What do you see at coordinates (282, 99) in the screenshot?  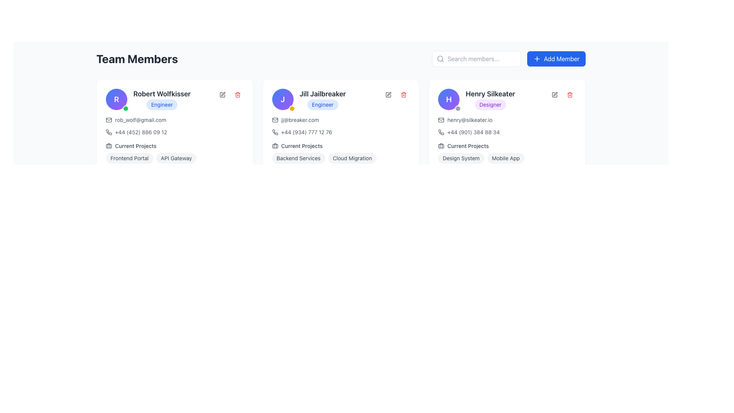 I see `the circular badge featuring the letter 'J' with a gradient from blue to purple, located at the top-left of the profile card for 'Jill Jailbreaker.'` at bounding box center [282, 99].